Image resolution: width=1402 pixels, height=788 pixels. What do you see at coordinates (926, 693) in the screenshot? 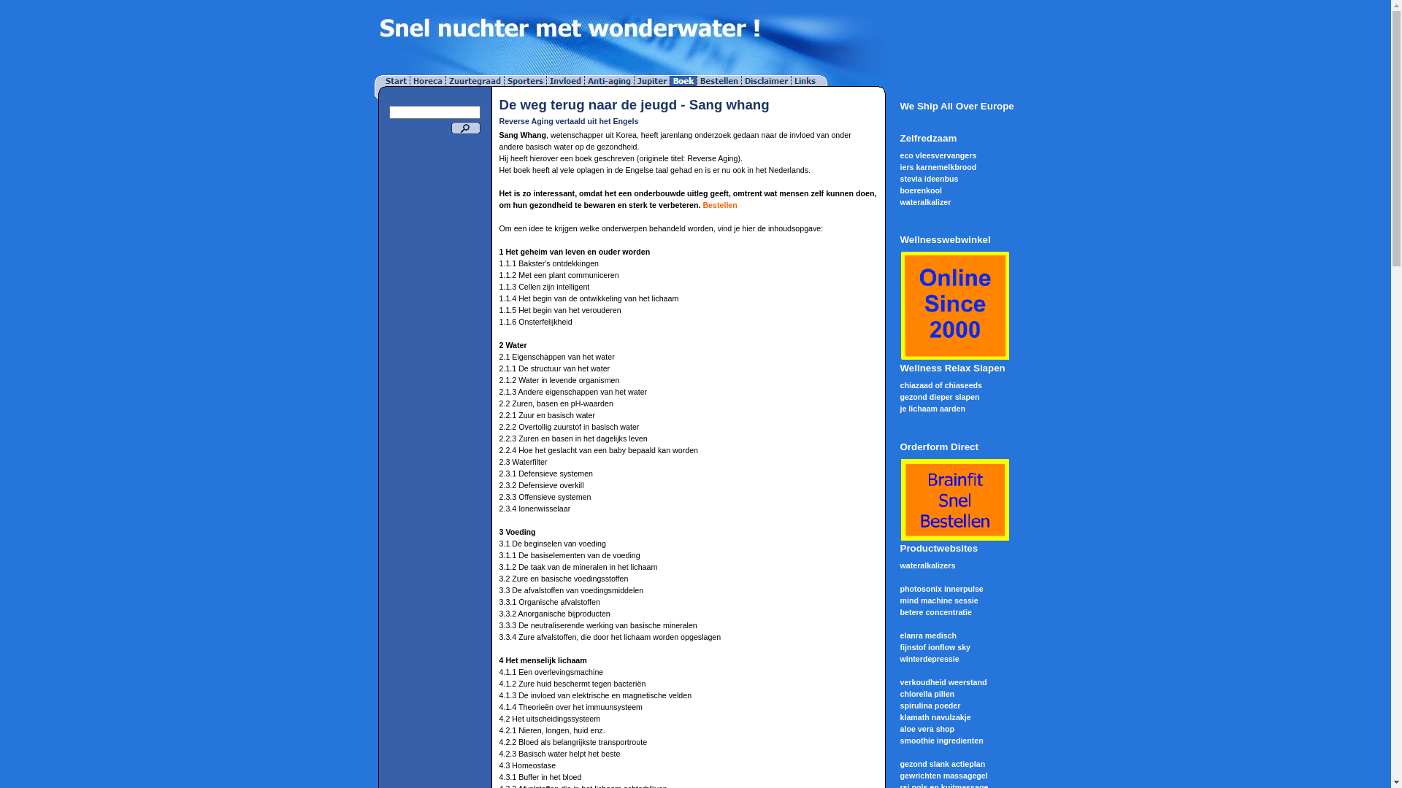
I see `'chlorella pillen'` at bounding box center [926, 693].